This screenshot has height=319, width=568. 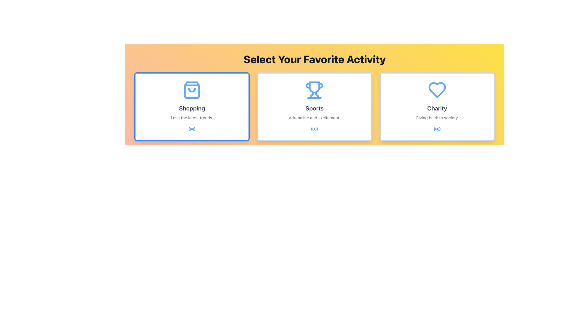 I want to click on the curved segment of the trophy icon located at the top right of the trophy within the 'Sports' card under 'Select Your Favorite Activity.', so click(x=320, y=86).